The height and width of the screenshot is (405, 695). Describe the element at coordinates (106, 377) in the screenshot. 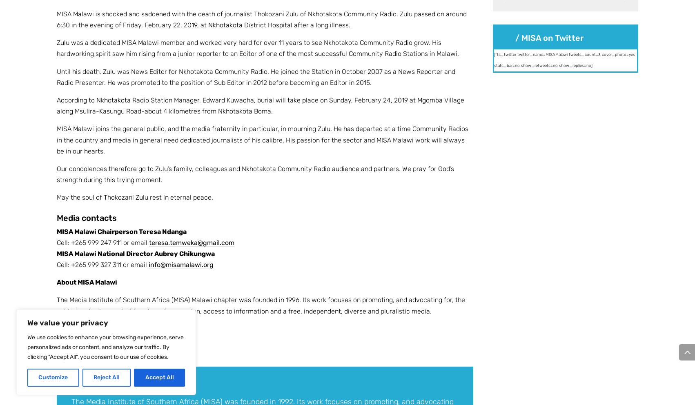

I see `'Reject All'` at that location.